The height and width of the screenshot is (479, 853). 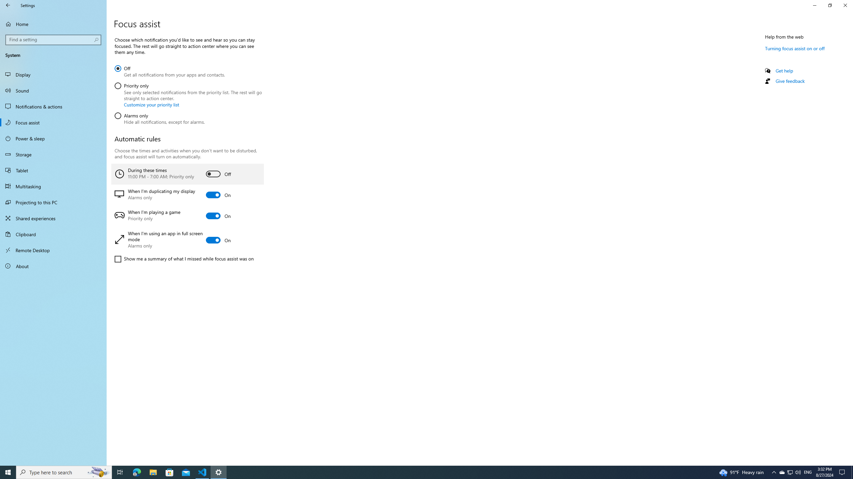 What do you see at coordinates (53, 39) in the screenshot?
I see `'Search box, Find a setting'` at bounding box center [53, 39].